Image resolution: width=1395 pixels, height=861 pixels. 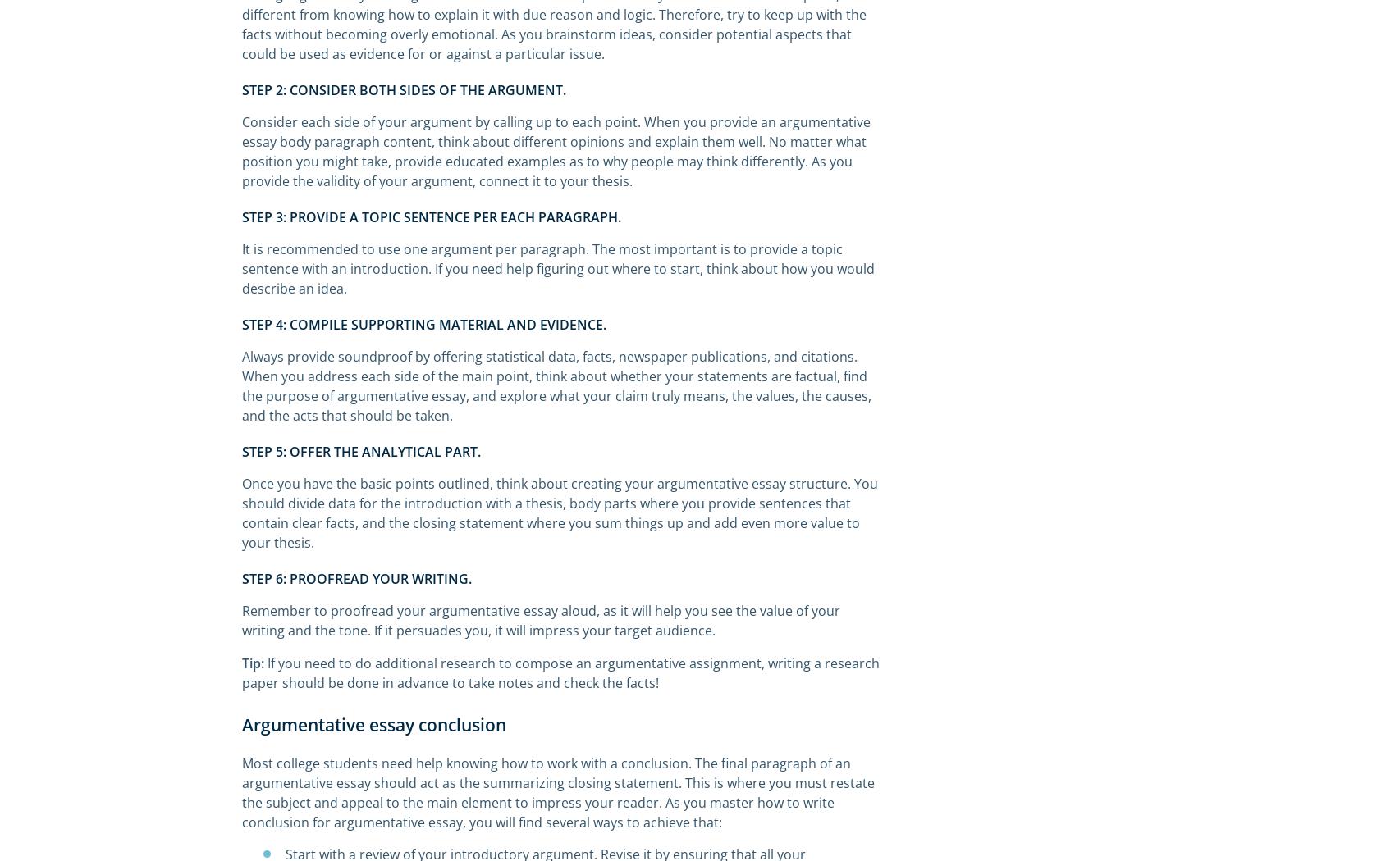 I want to click on 'Consider each side of your argument by calling up to each point. When you provide an argumentative essay body paragraph content, think about different opinions and explain them well. No matter what position you might take, provide educated examples as to why people may think differently. As you provide the validity of your argument, connect it to your thesis.', so click(x=556, y=152).